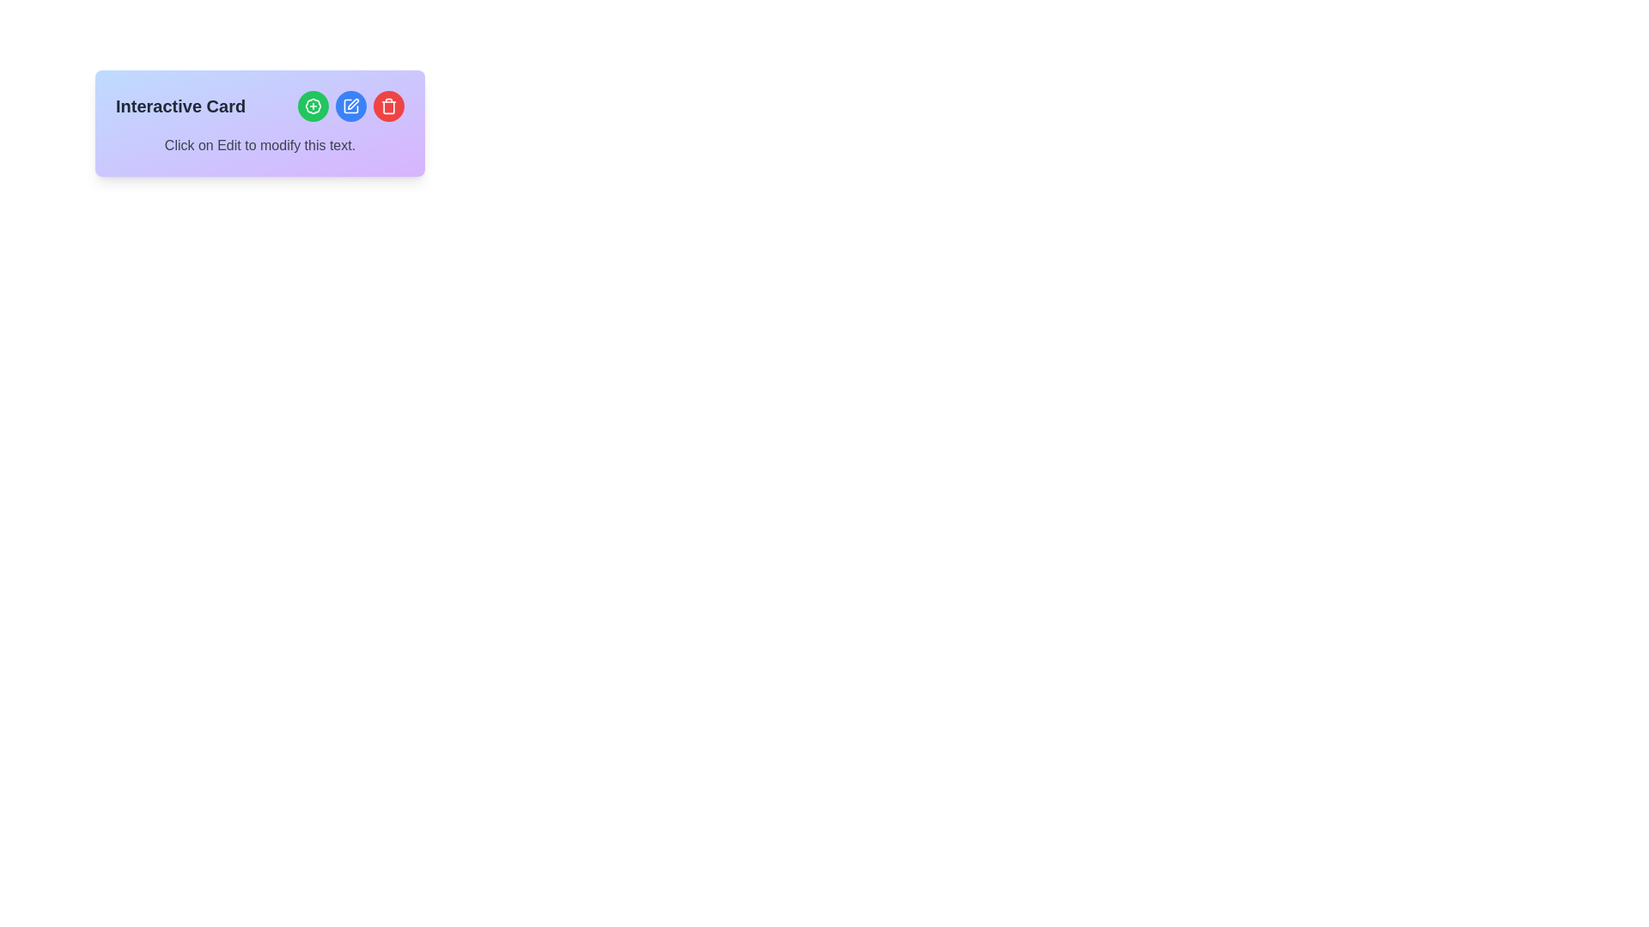  What do you see at coordinates (313, 106) in the screenshot?
I see `the green circular button with a white plus icon, which is the leftmost button in a row of three buttons within the 'Interactive Card'` at bounding box center [313, 106].